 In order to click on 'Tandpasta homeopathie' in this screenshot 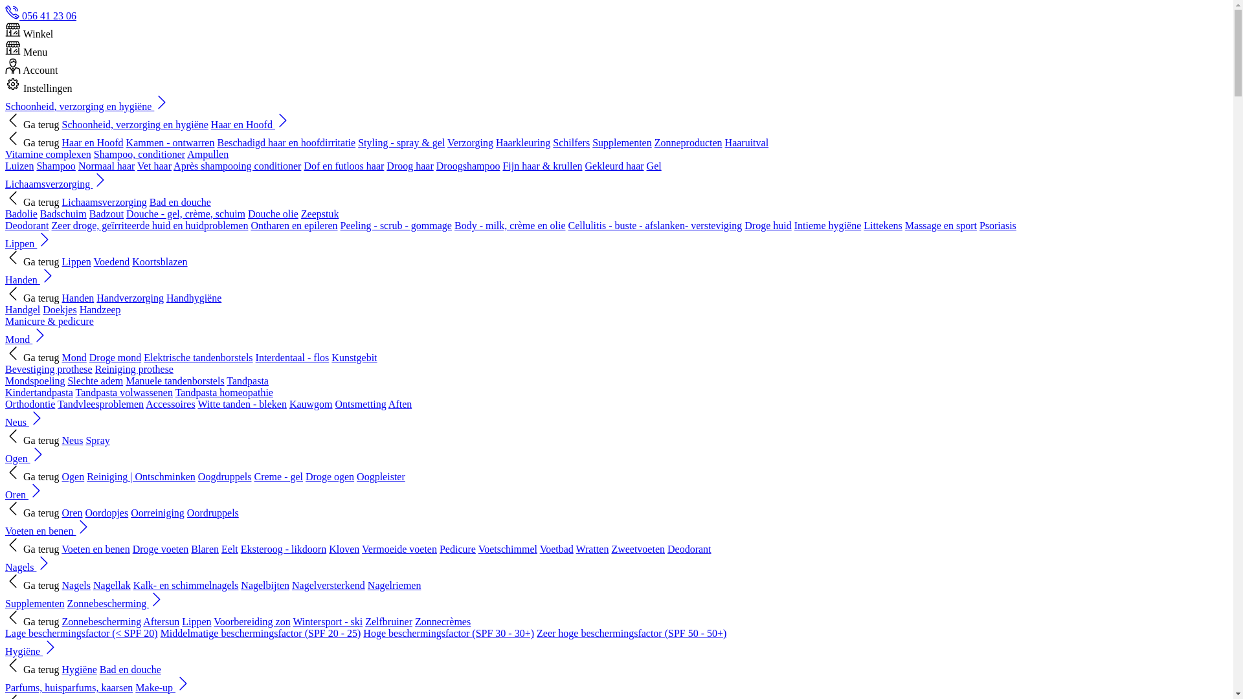, I will do `click(224, 392)`.